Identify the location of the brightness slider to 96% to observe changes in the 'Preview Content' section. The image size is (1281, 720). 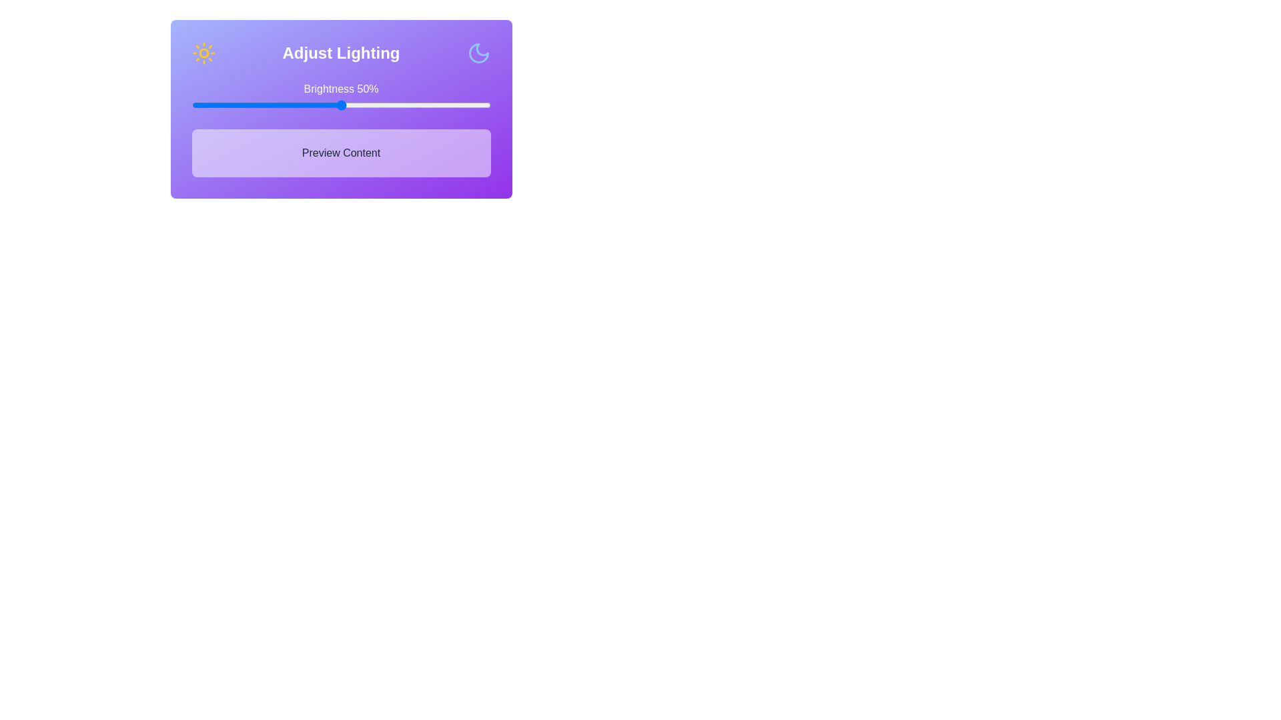
(478, 105).